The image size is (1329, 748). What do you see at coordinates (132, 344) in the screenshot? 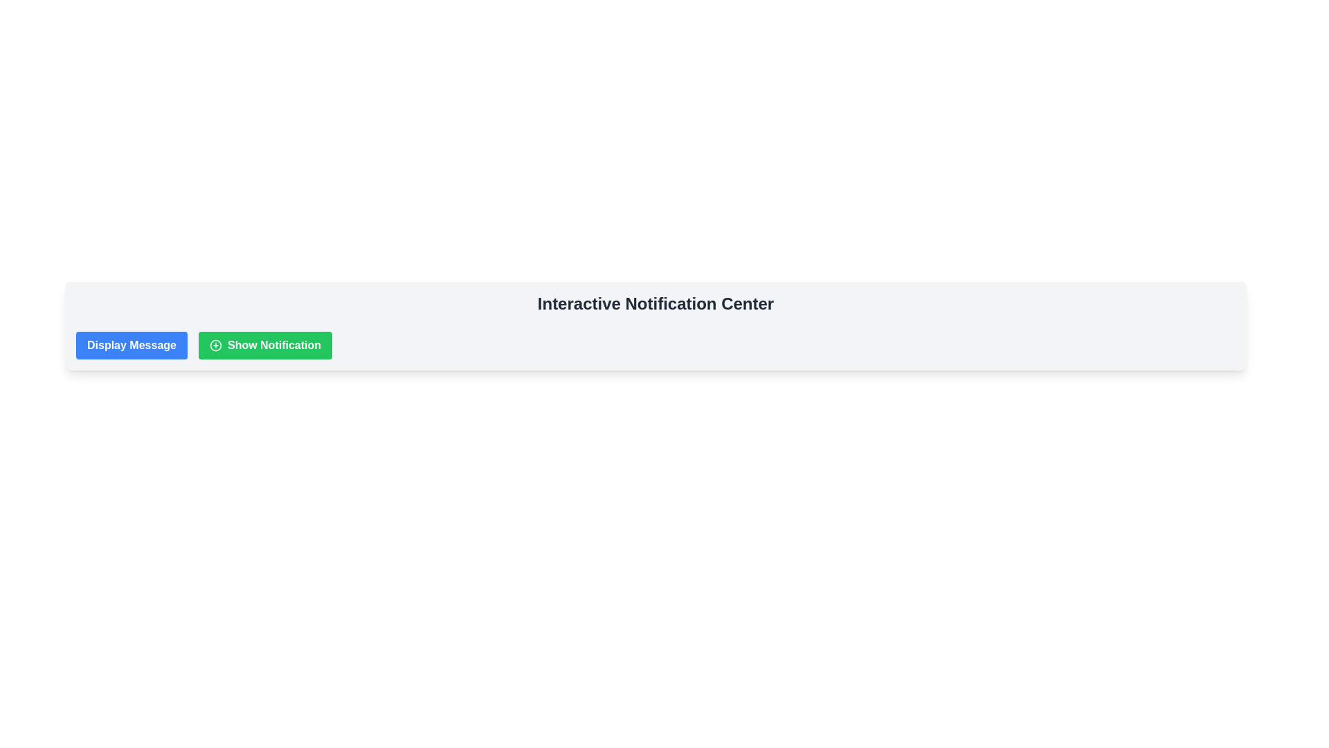
I see `the blue button labeled 'Display Message'` at bounding box center [132, 344].